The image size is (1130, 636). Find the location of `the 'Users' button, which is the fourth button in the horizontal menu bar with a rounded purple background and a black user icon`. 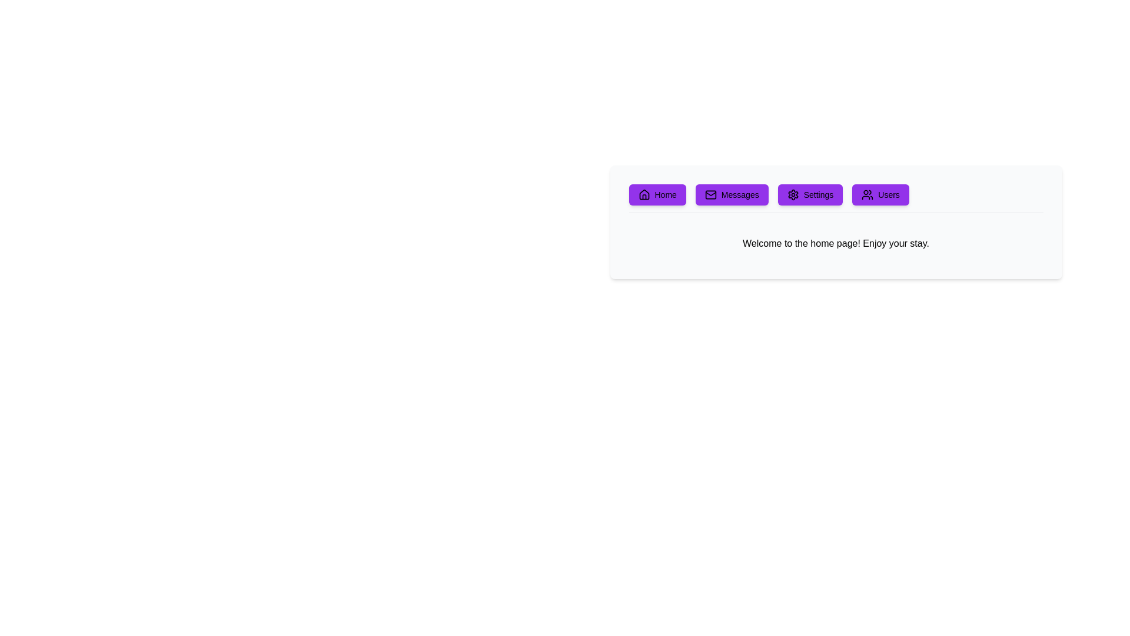

the 'Users' button, which is the fourth button in the horizontal menu bar with a rounded purple background and a black user icon is located at coordinates (880, 194).